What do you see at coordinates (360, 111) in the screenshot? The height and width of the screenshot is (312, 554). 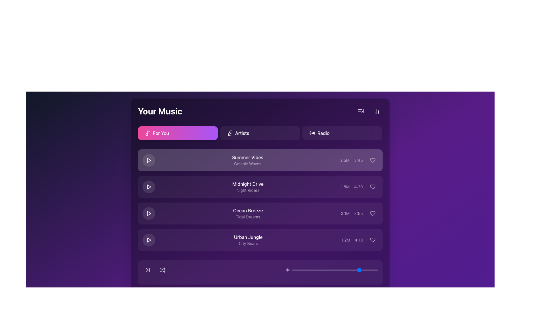 I see `the button in the top-right corner of the application interface` at bounding box center [360, 111].